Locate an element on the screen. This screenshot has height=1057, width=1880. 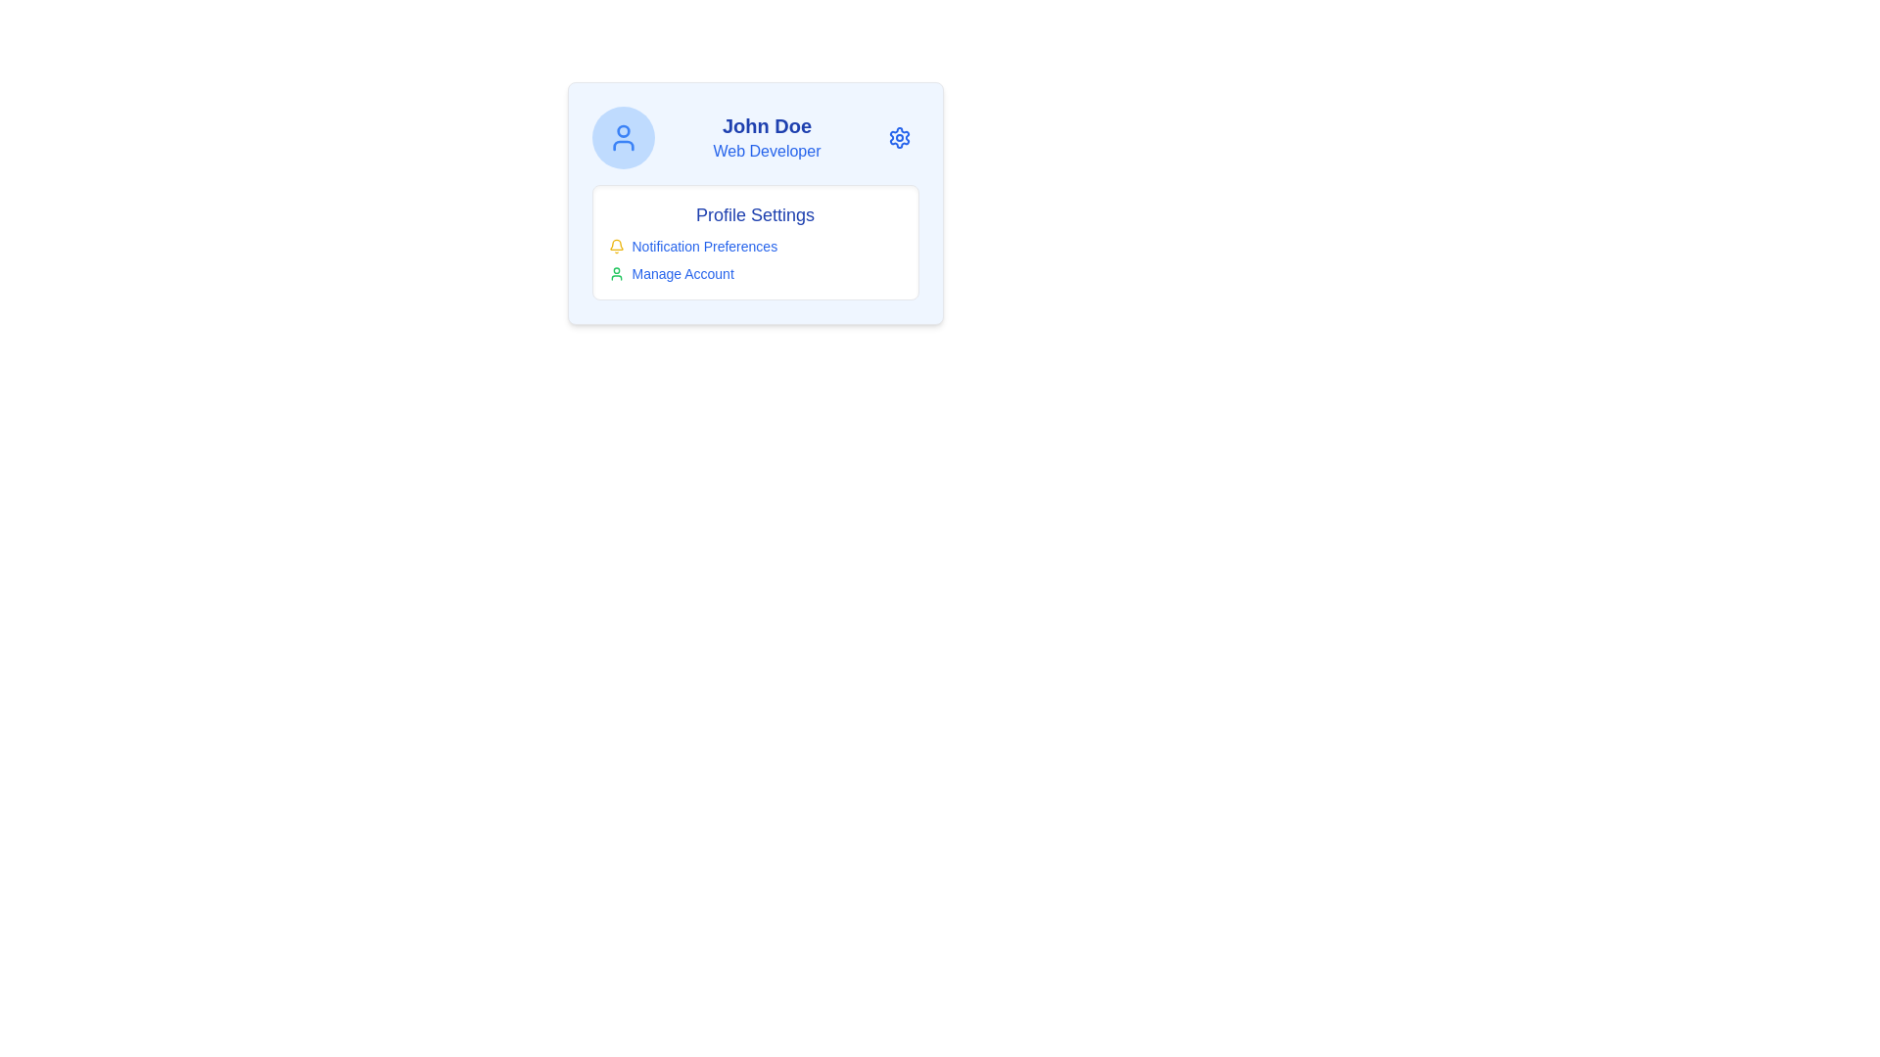
the textual display element that shows the user's name and role, located between the user profile icon and the gear icon in the header section of the card layout is located at coordinates (766, 137).